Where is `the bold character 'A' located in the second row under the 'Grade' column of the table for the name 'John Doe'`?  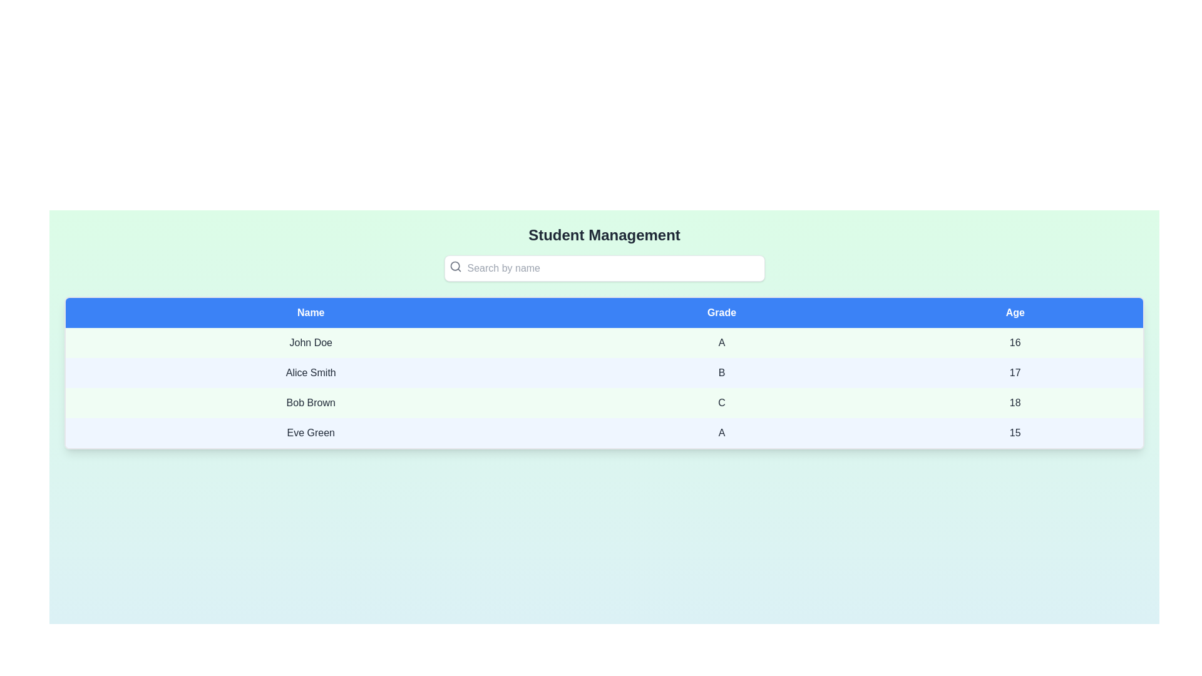
the bold character 'A' located in the second row under the 'Grade' column of the table for the name 'John Doe' is located at coordinates (721, 342).